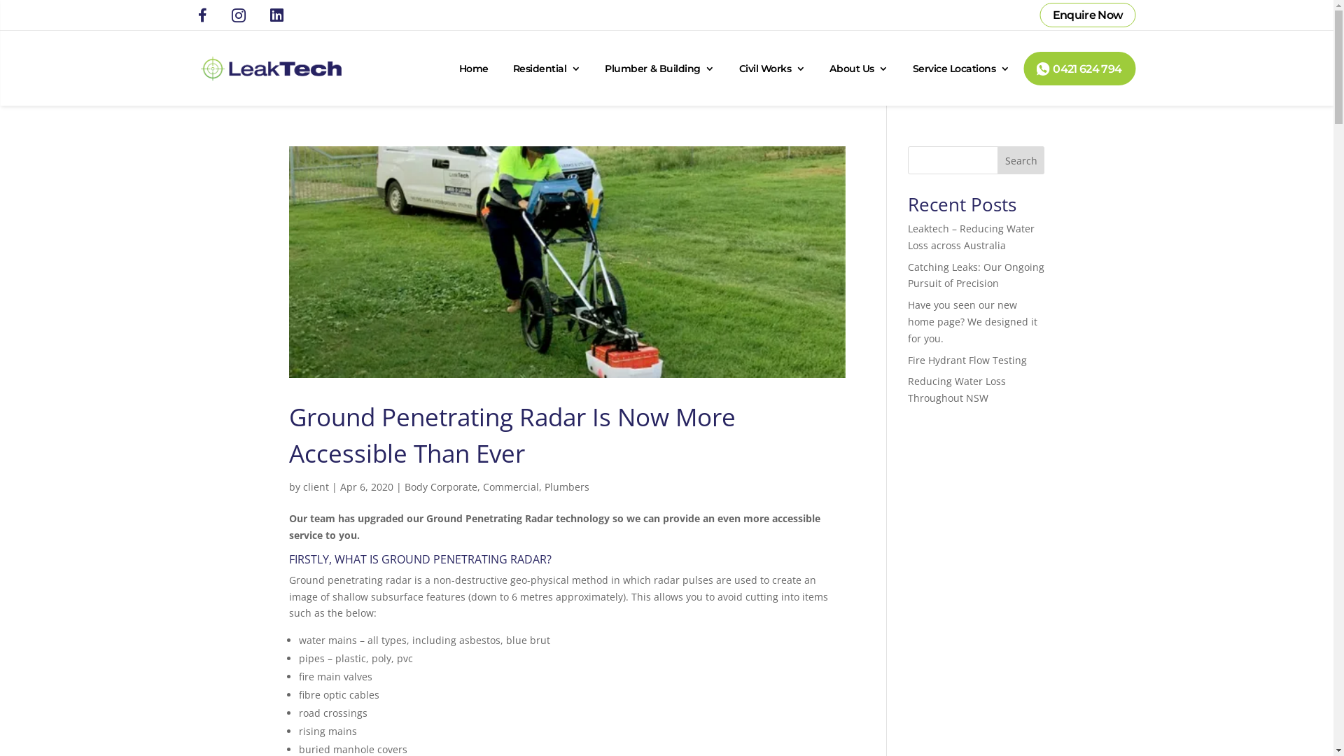 The width and height of the screenshot is (1344, 756). What do you see at coordinates (314, 486) in the screenshot?
I see `'client'` at bounding box center [314, 486].